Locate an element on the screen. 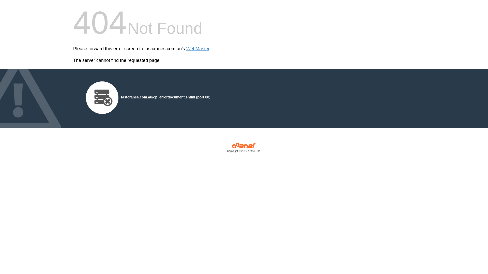 Image resolution: width=488 pixels, height=274 pixels. 'WebMaster' is located at coordinates (186, 49).